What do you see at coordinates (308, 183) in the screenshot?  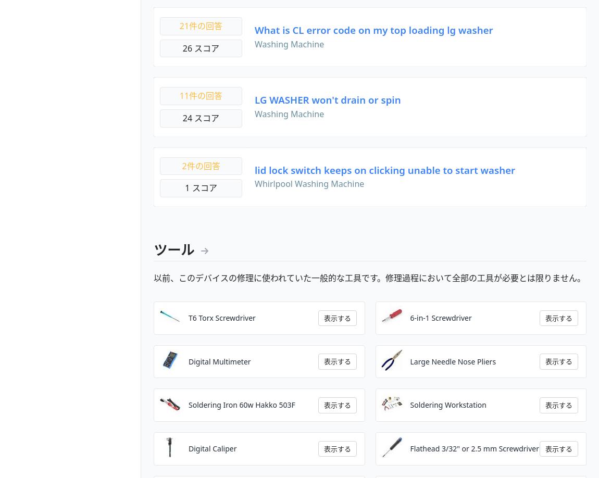 I see `'Whirlpool Washing Machine'` at bounding box center [308, 183].